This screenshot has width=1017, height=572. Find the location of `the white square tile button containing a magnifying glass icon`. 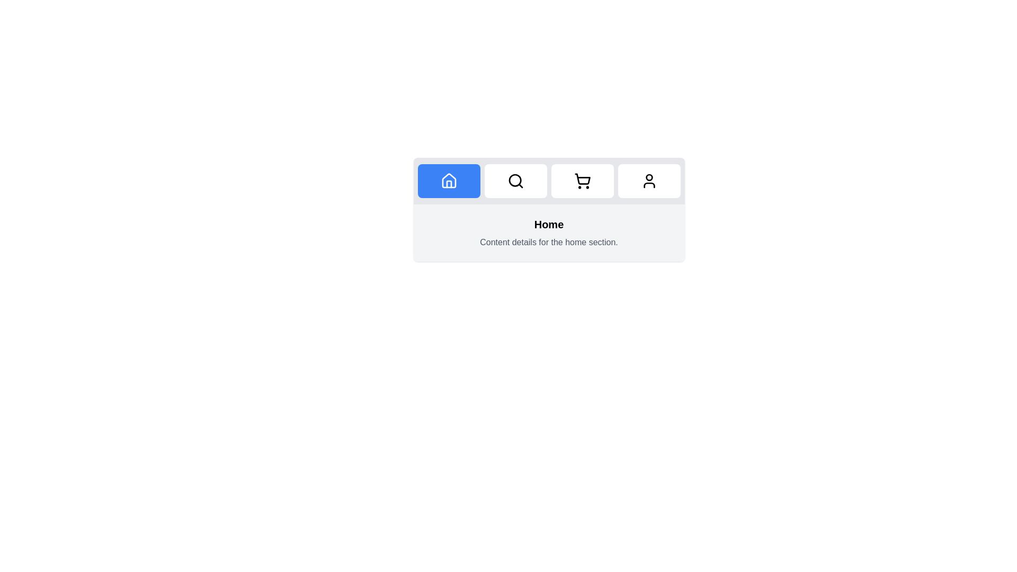

the white square tile button containing a magnifying glass icon is located at coordinates (515, 181).